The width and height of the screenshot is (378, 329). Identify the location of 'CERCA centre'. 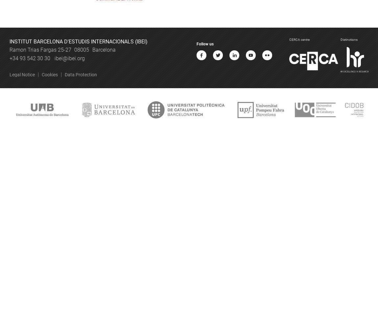
(289, 39).